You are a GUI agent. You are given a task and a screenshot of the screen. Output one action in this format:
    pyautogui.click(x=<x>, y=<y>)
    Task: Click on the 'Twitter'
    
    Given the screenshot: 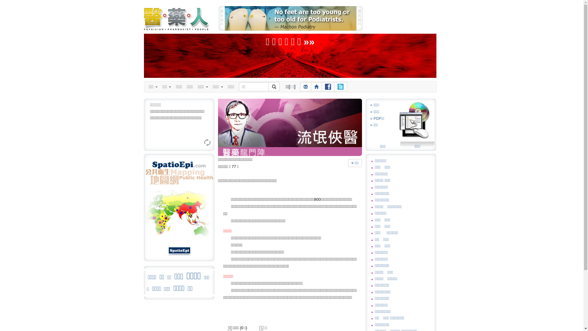 What is the action you would take?
    pyautogui.click(x=340, y=86)
    